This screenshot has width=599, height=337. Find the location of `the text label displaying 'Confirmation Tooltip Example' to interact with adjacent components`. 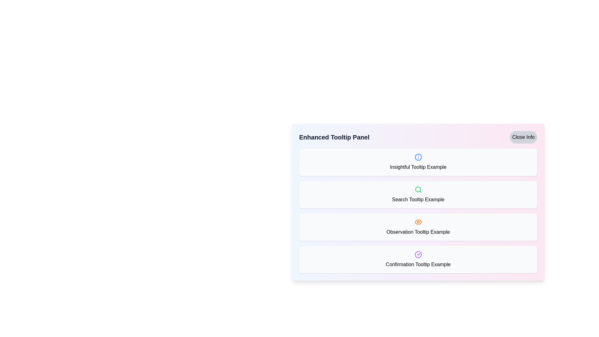

the text label displaying 'Confirmation Tooltip Example' to interact with adjacent components is located at coordinates (418, 265).